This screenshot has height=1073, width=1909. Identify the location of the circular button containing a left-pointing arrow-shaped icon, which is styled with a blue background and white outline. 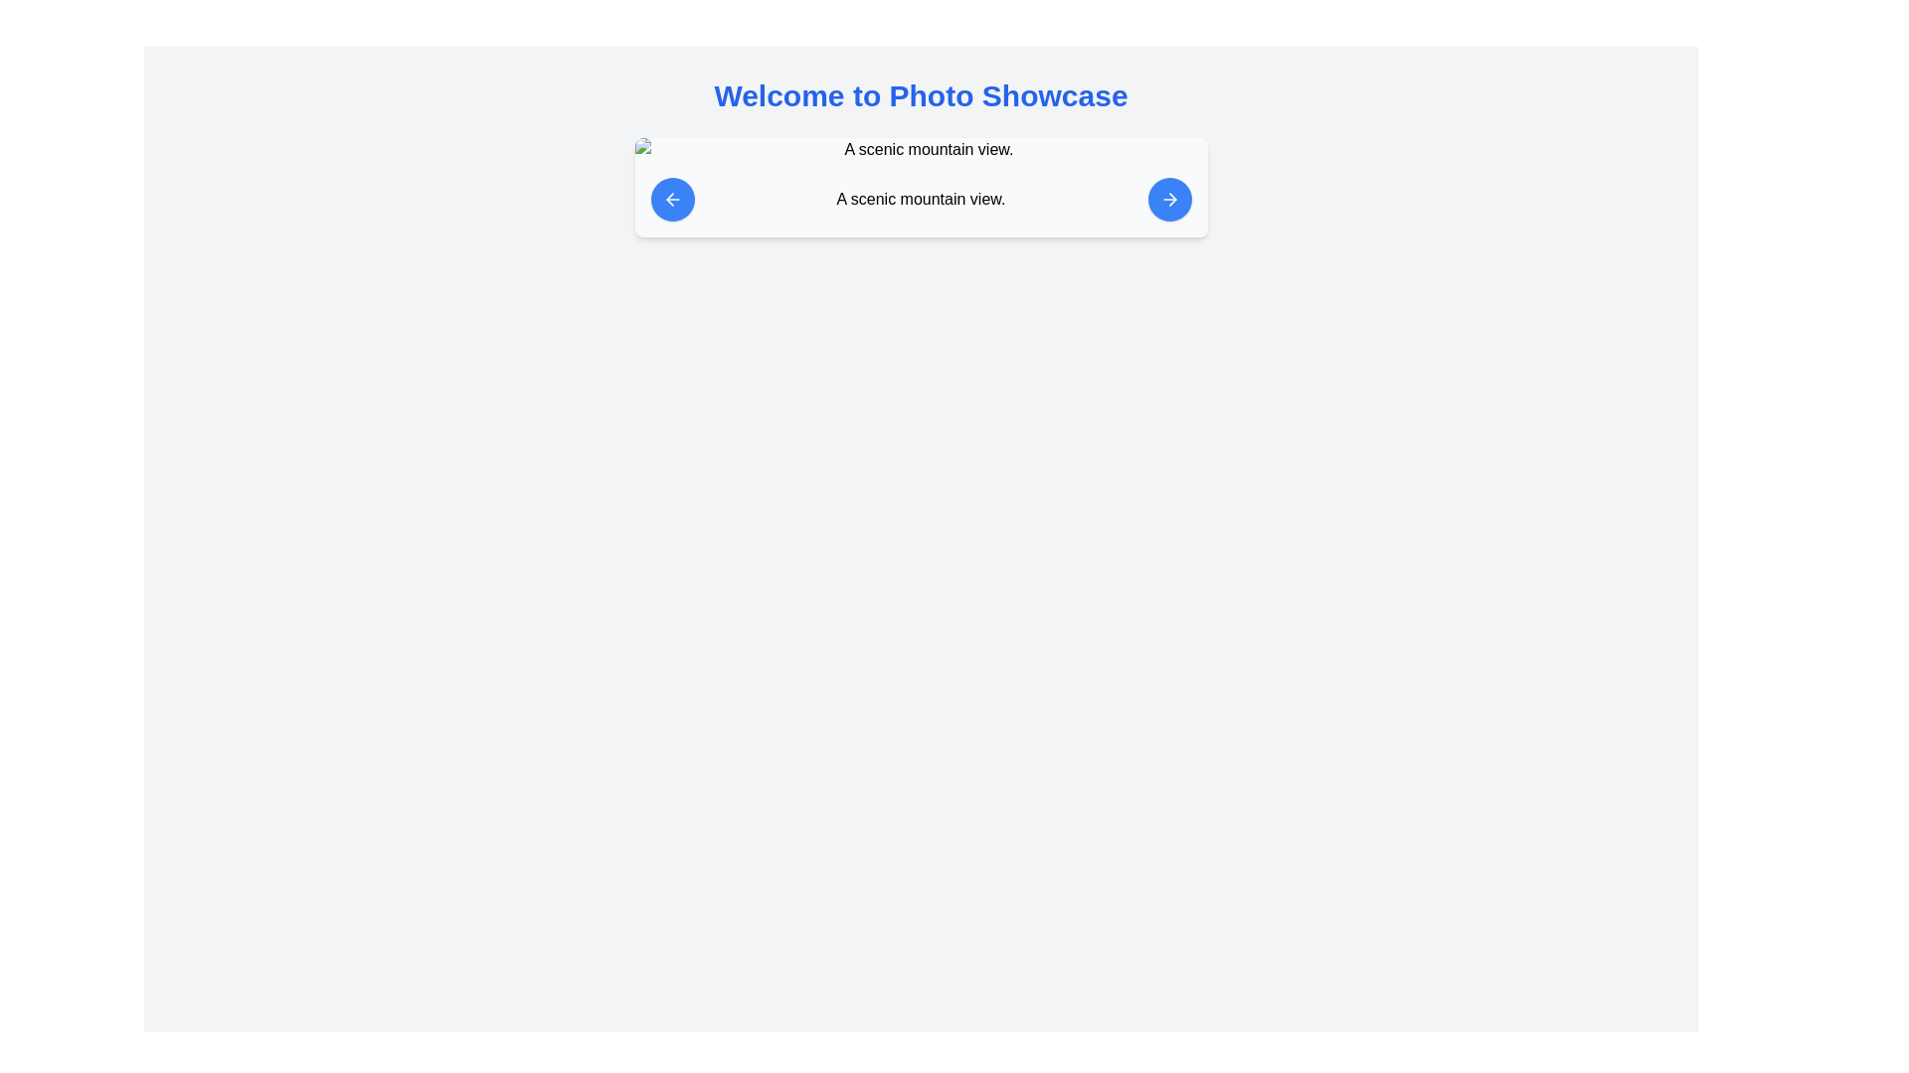
(672, 199).